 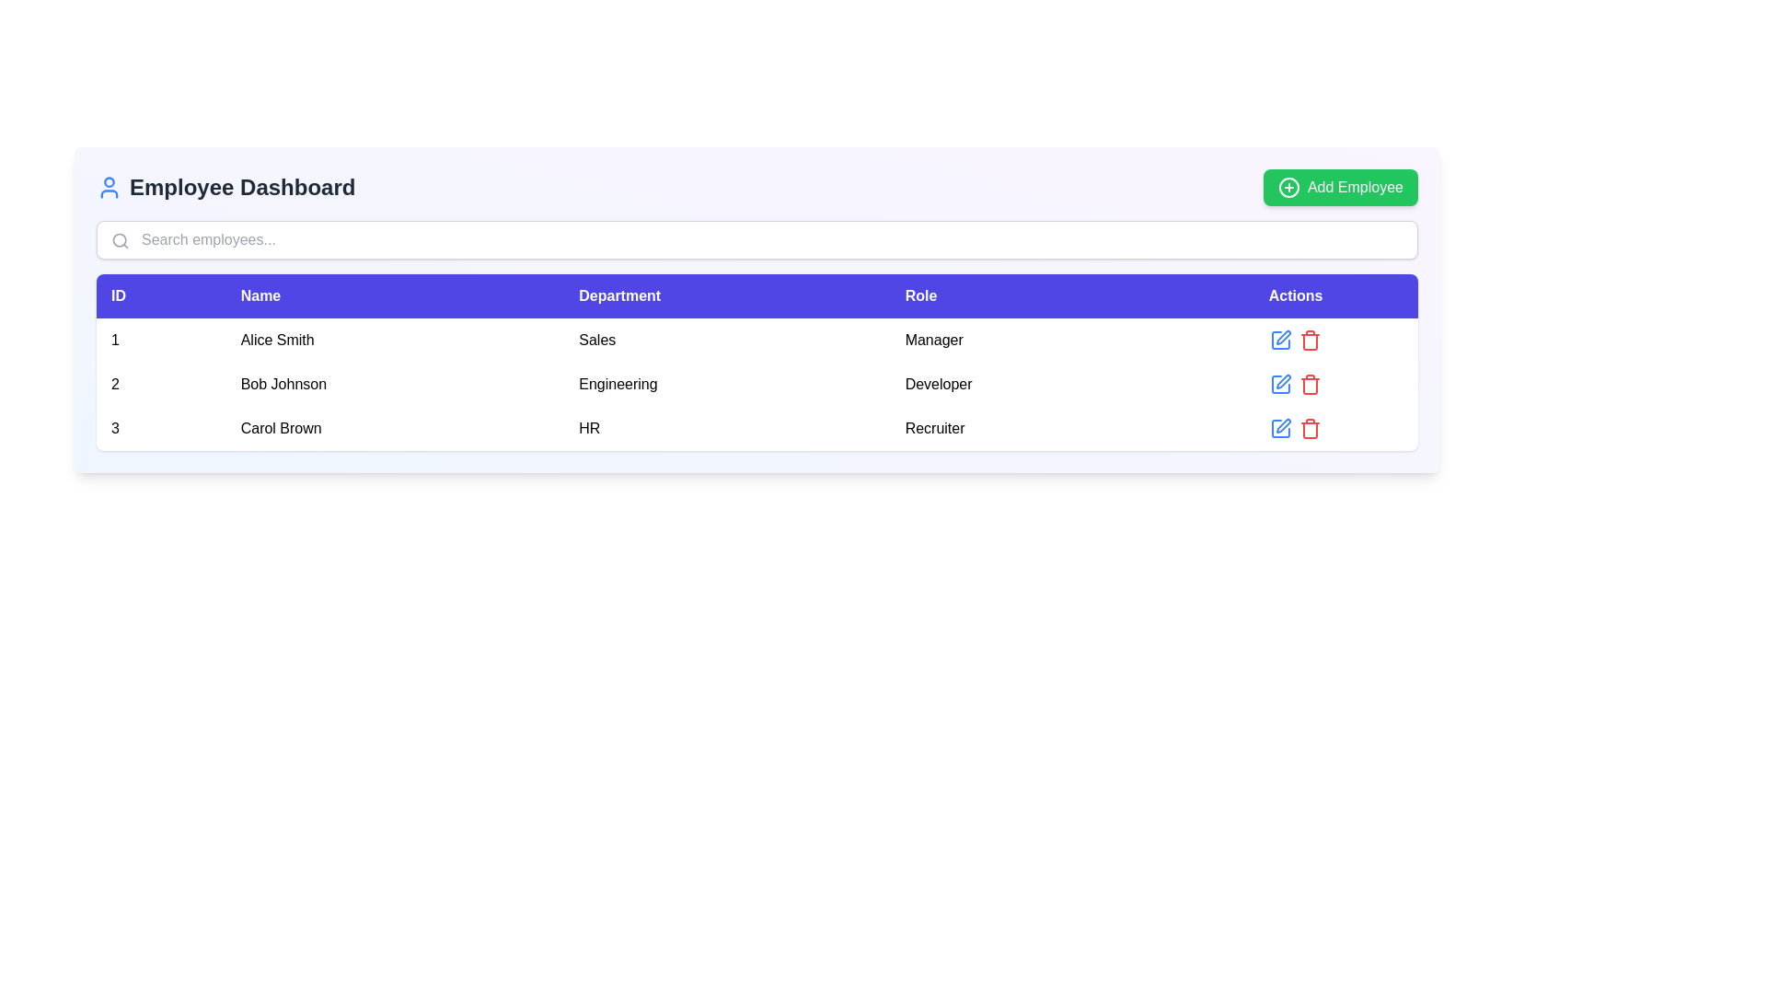 I want to click on the green 'Add Employee' button with rounded corners located at the top-right corner of the interface, so click(x=1340, y=188).